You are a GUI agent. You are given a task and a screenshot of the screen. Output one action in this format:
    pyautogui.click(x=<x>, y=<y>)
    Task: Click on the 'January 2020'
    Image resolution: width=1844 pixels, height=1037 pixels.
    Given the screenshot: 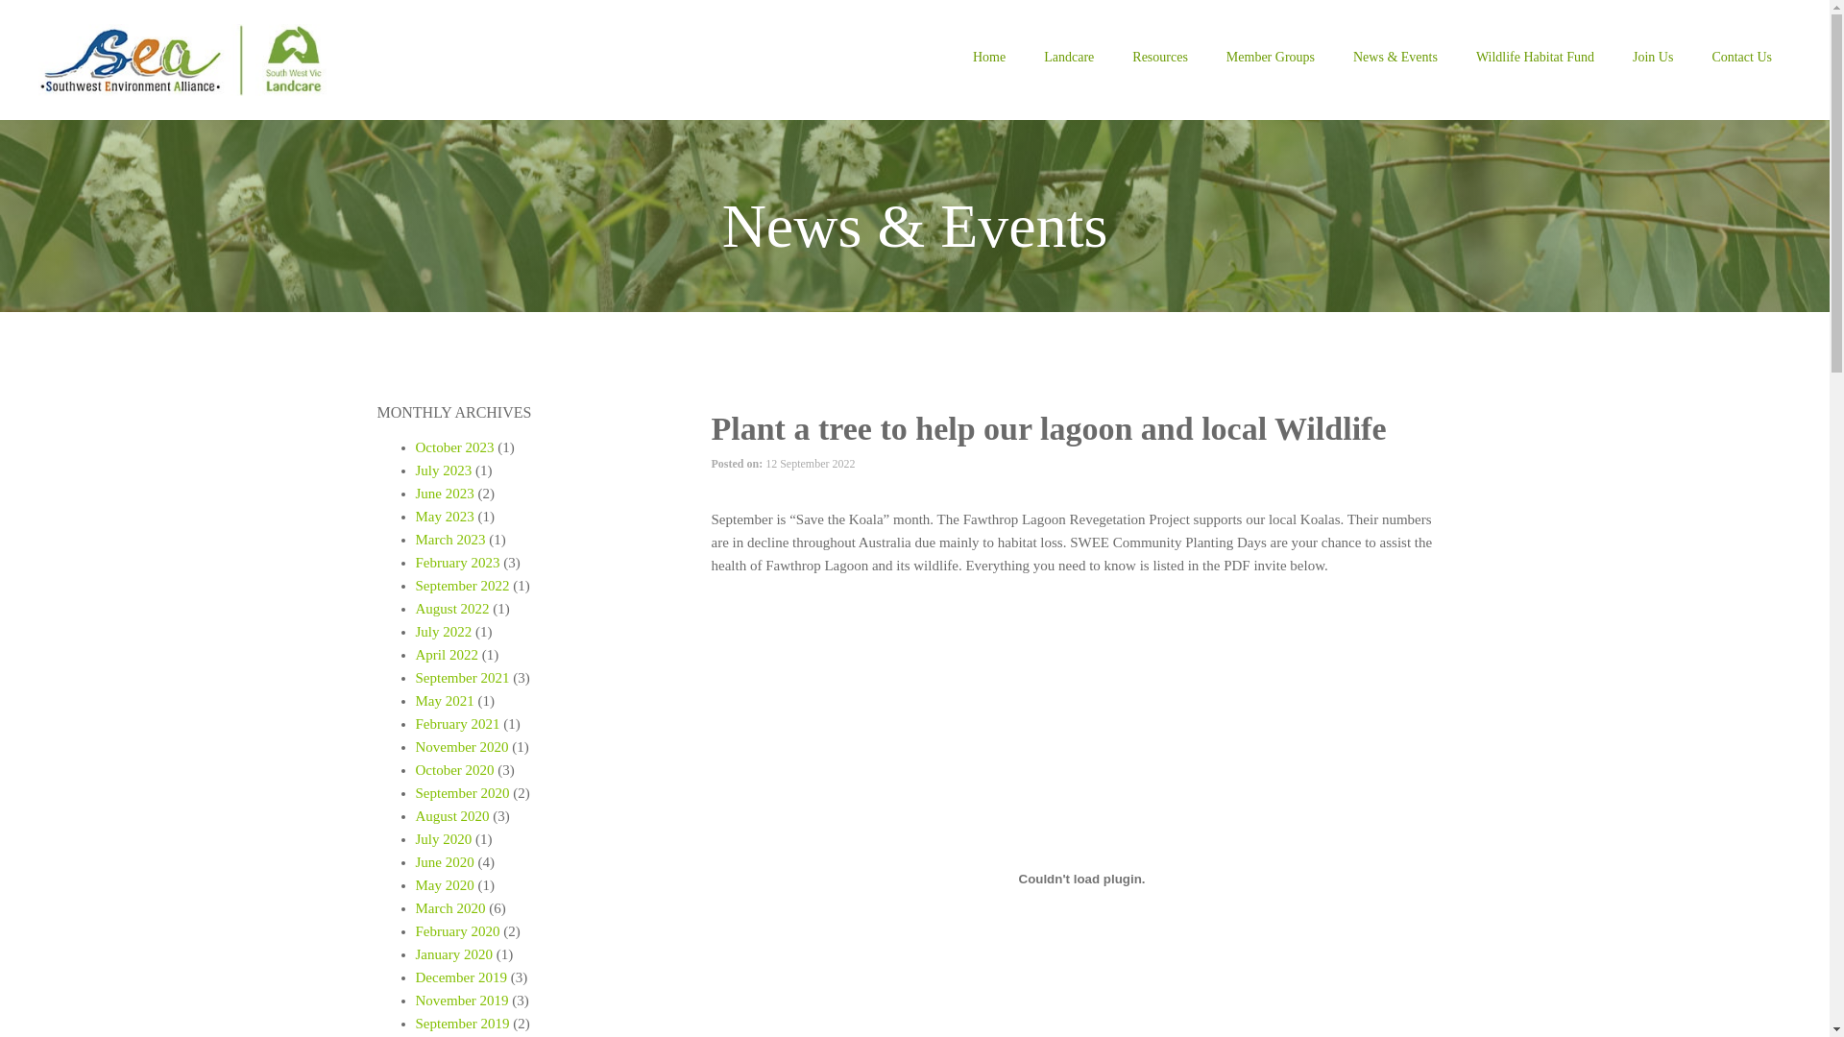 What is the action you would take?
    pyautogui.click(x=451, y=954)
    